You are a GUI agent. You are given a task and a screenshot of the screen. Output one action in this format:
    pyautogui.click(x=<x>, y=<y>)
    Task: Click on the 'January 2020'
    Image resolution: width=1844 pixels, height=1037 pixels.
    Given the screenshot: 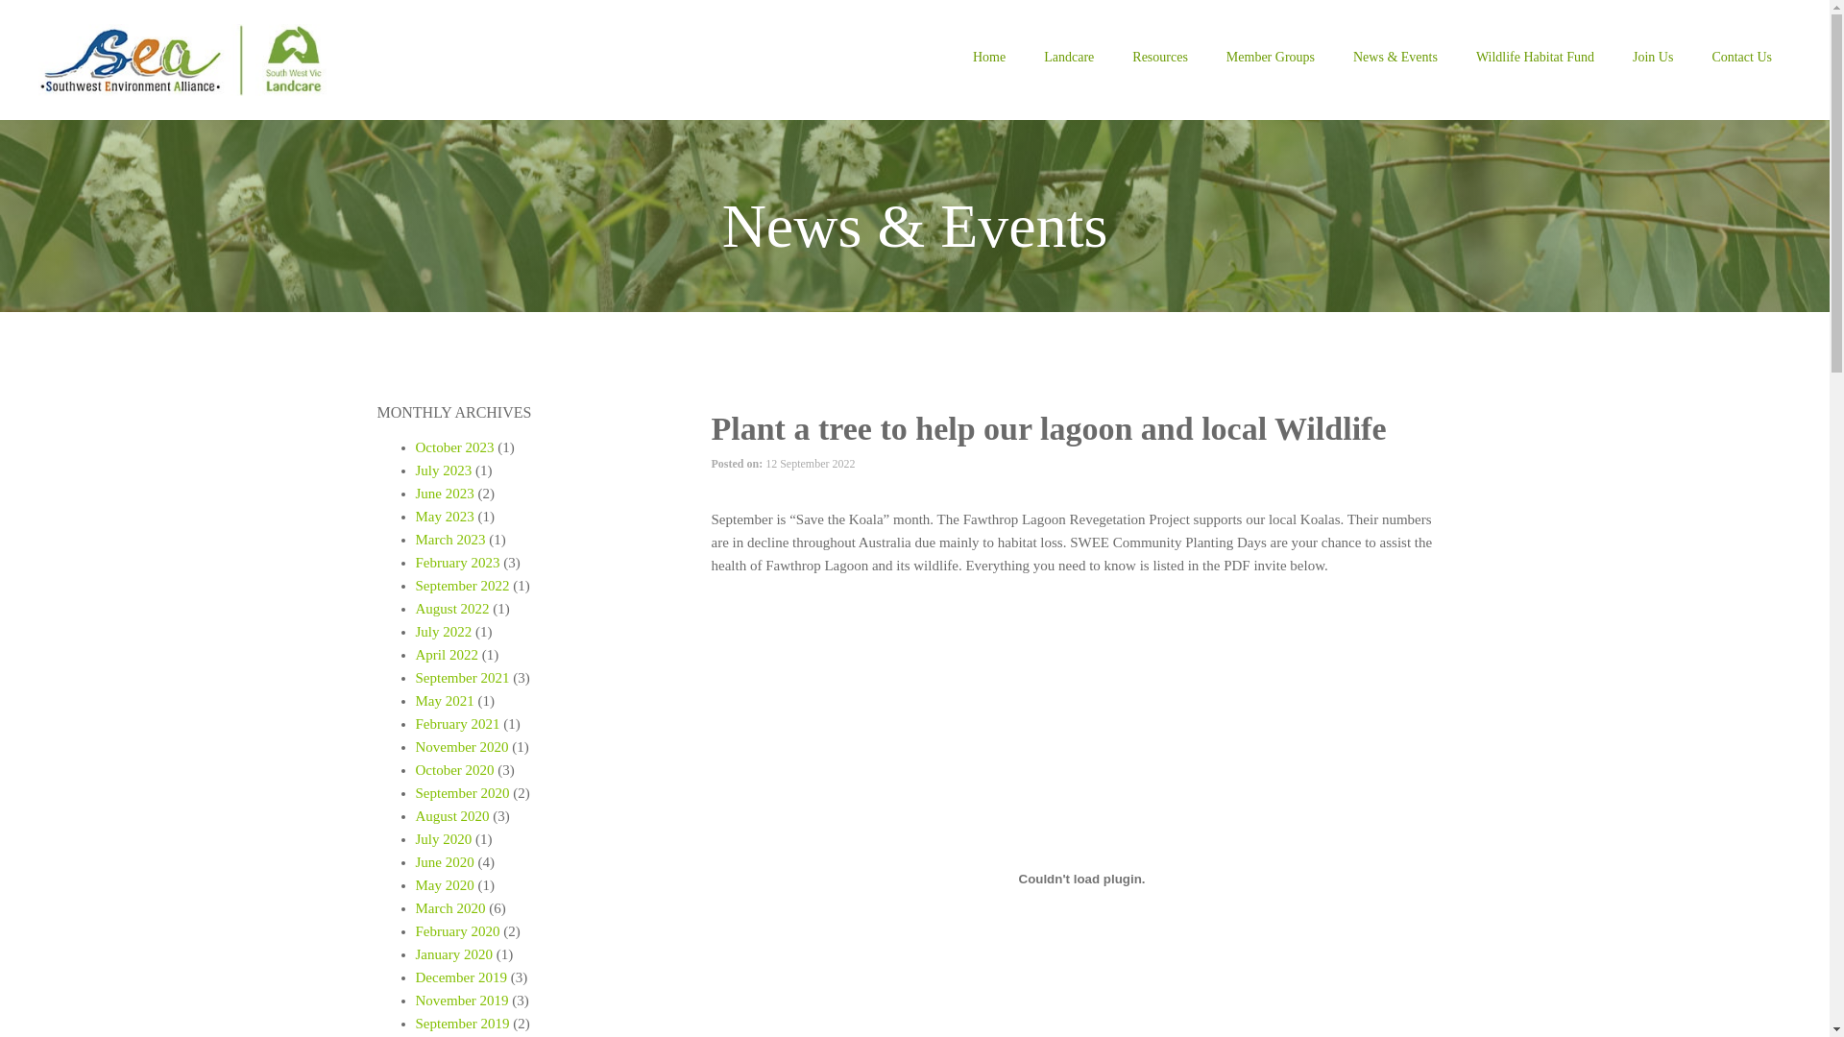 What is the action you would take?
    pyautogui.click(x=451, y=954)
    